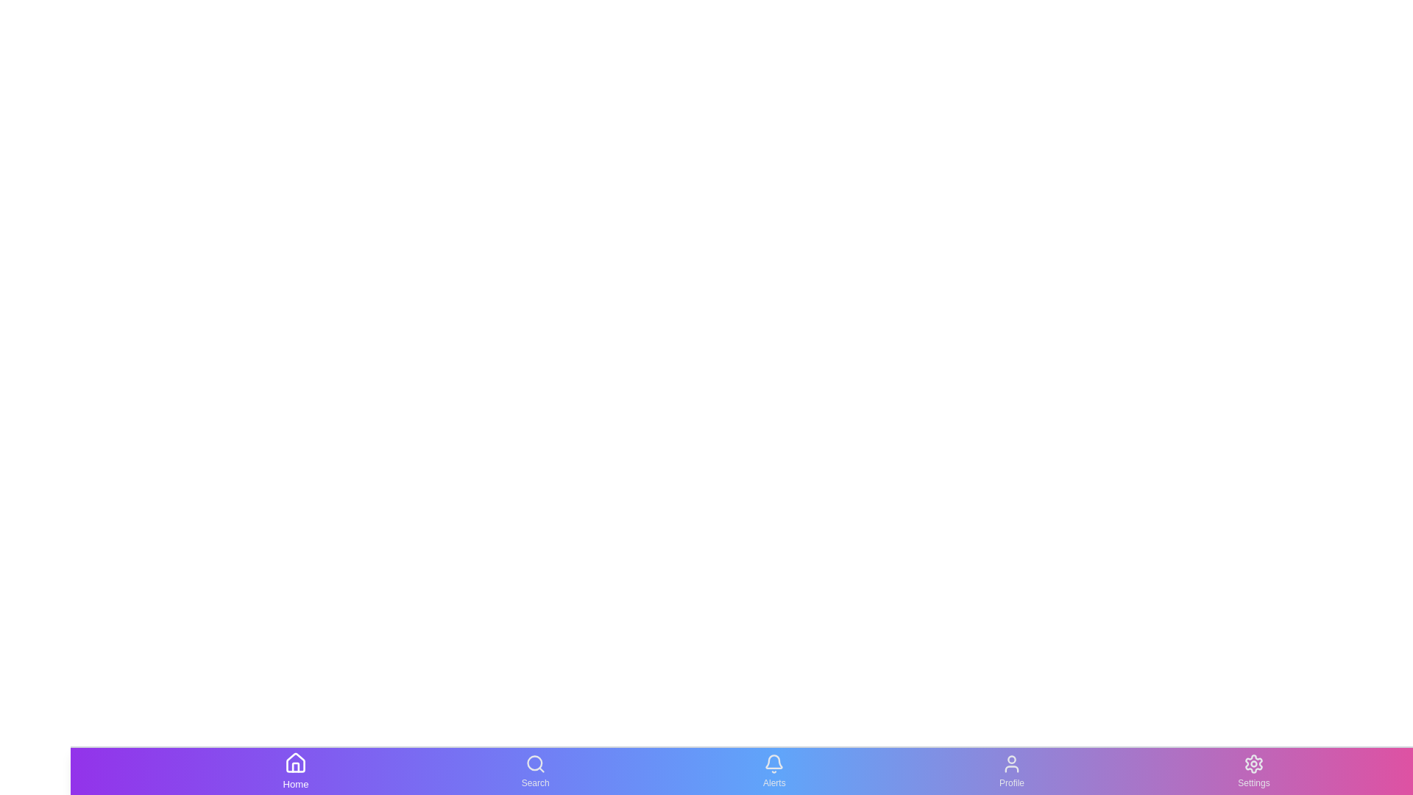 The width and height of the screenshot is (1413, 795). What do you see at coordinates (1010, 771) in the screenshot?
I see `the Profile icon to preview its hover effect` at bounding box center [1010, 771].